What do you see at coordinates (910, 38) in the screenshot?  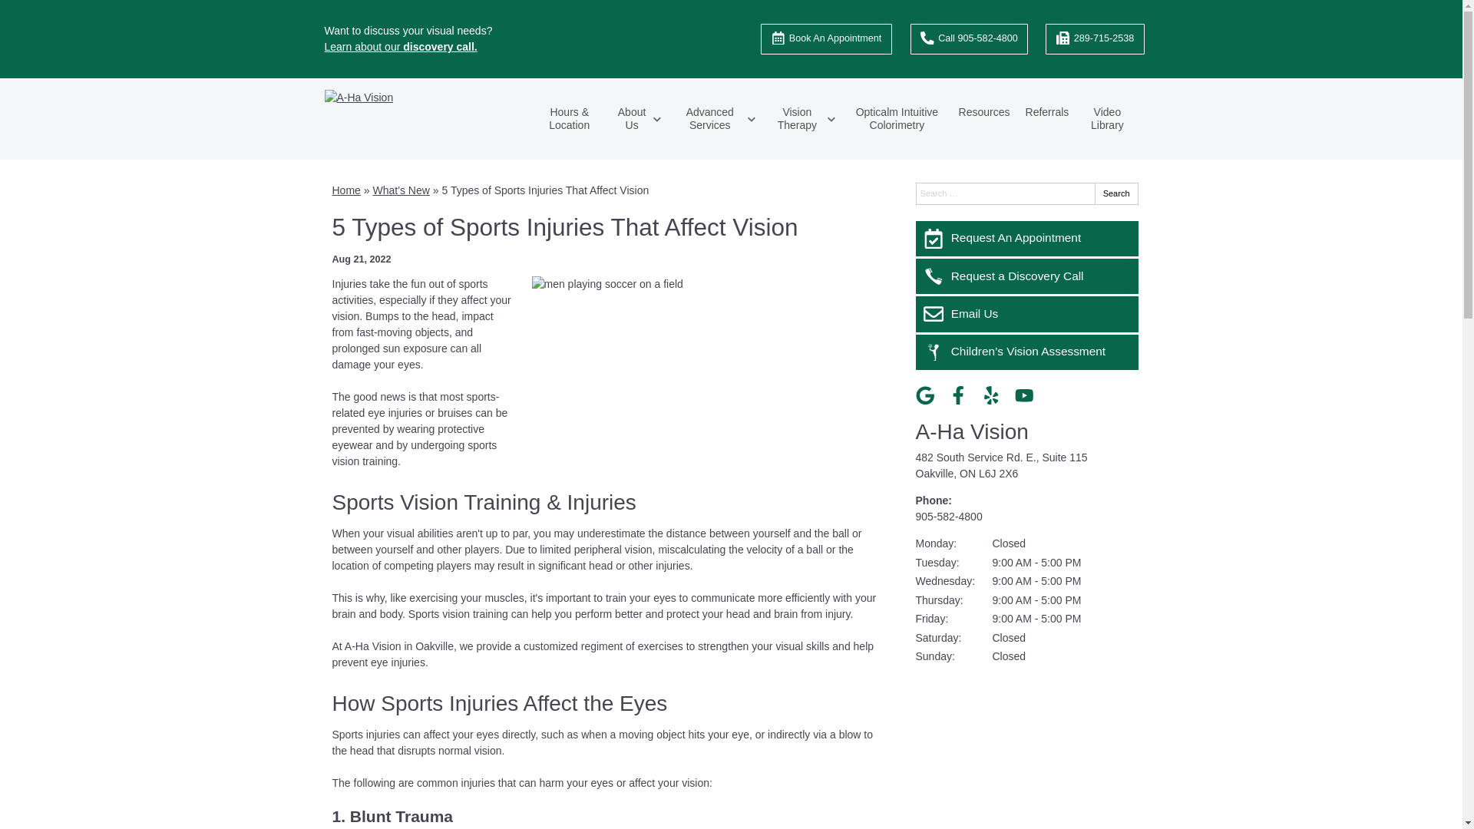 I see `'Call 905-582-4800'` at bounding box center [910, 38].